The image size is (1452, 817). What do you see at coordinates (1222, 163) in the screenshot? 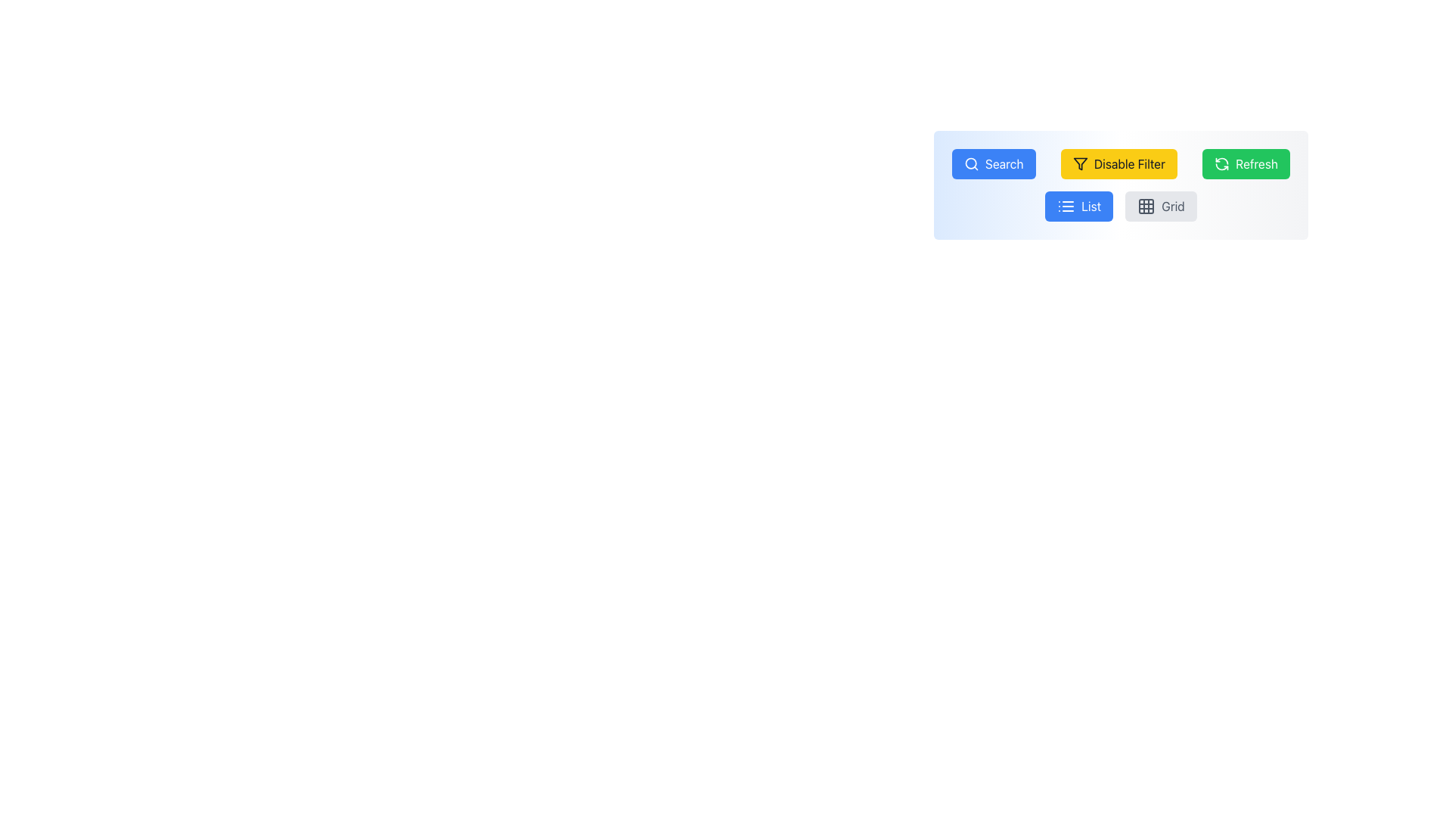
I see `the 'Refresh' button located in the top-right corner of the interface, which contains an icon representing the refresh action` at bounding box center [1222, 163].